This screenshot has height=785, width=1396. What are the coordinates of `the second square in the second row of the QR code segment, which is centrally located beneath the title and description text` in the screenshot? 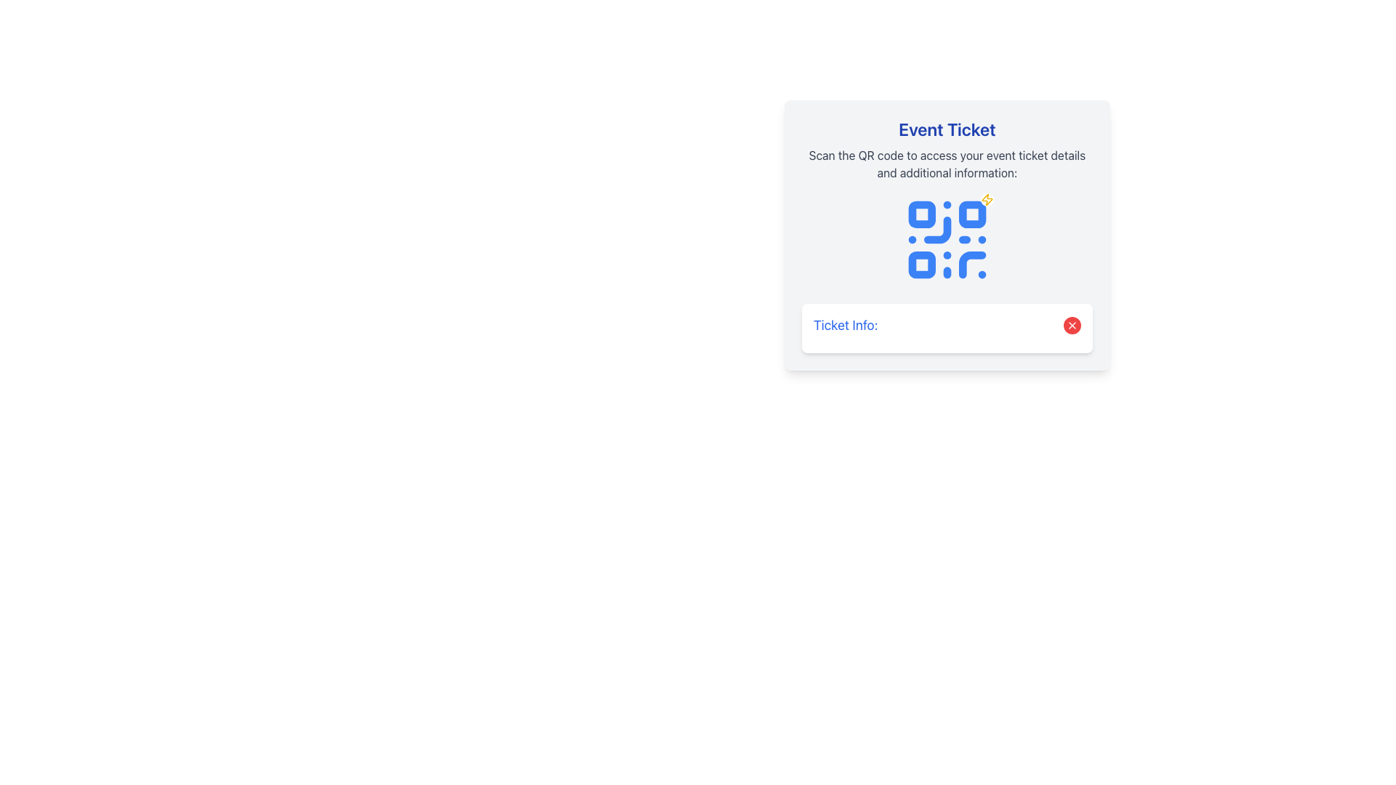 It's located at (972, 214).